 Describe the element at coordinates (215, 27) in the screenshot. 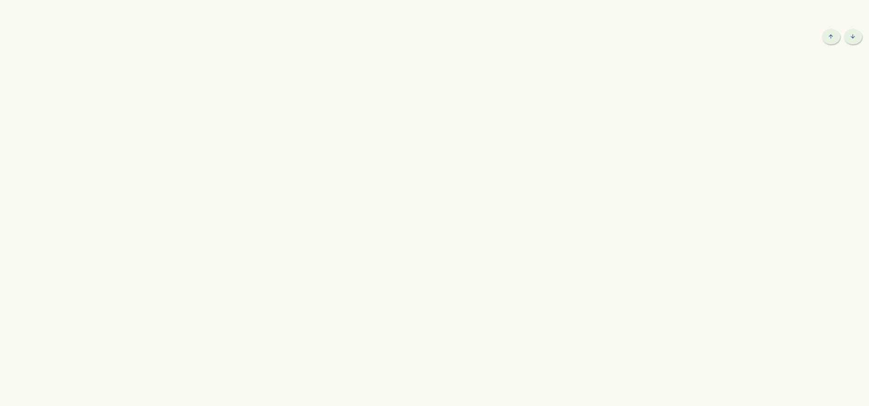

I see `'Local Events'` at that location.